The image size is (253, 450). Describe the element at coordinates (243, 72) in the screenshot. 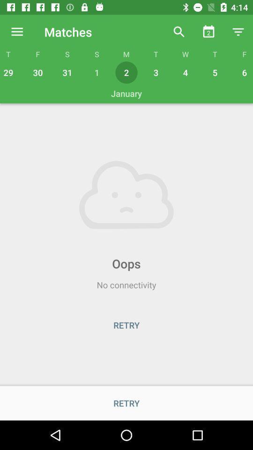

I see `the item above january` at that location.